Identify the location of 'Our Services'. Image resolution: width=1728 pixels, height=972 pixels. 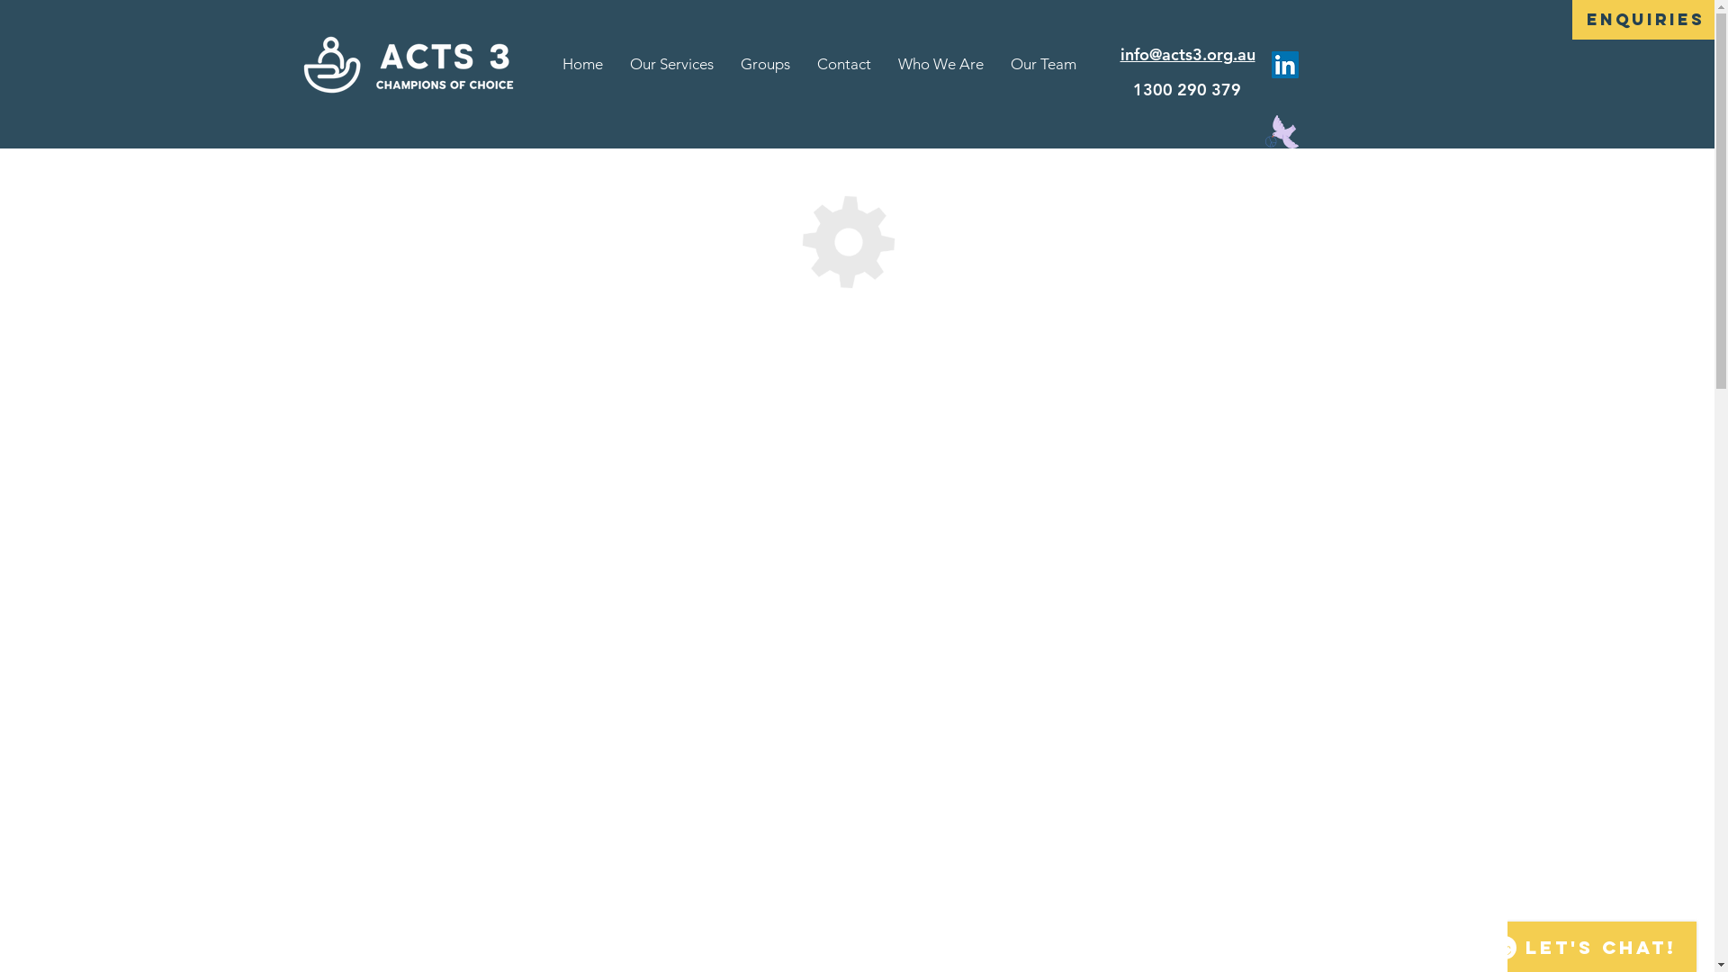
(670, 63).